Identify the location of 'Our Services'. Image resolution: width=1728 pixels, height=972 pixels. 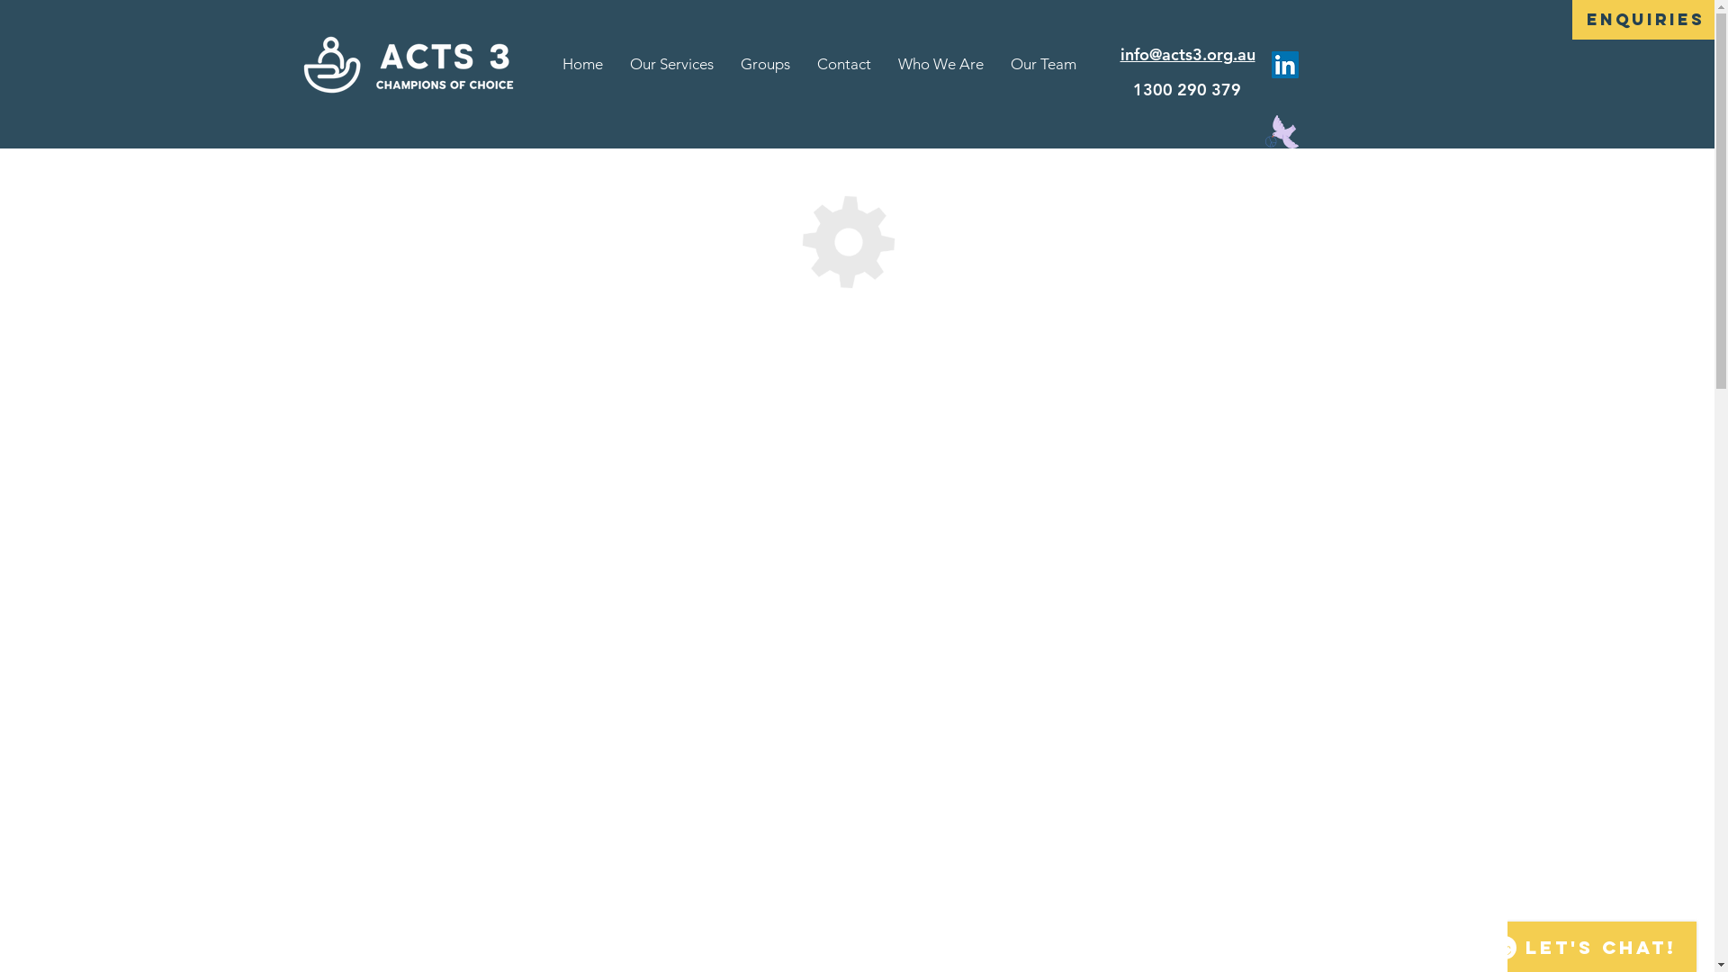
(670, 63).